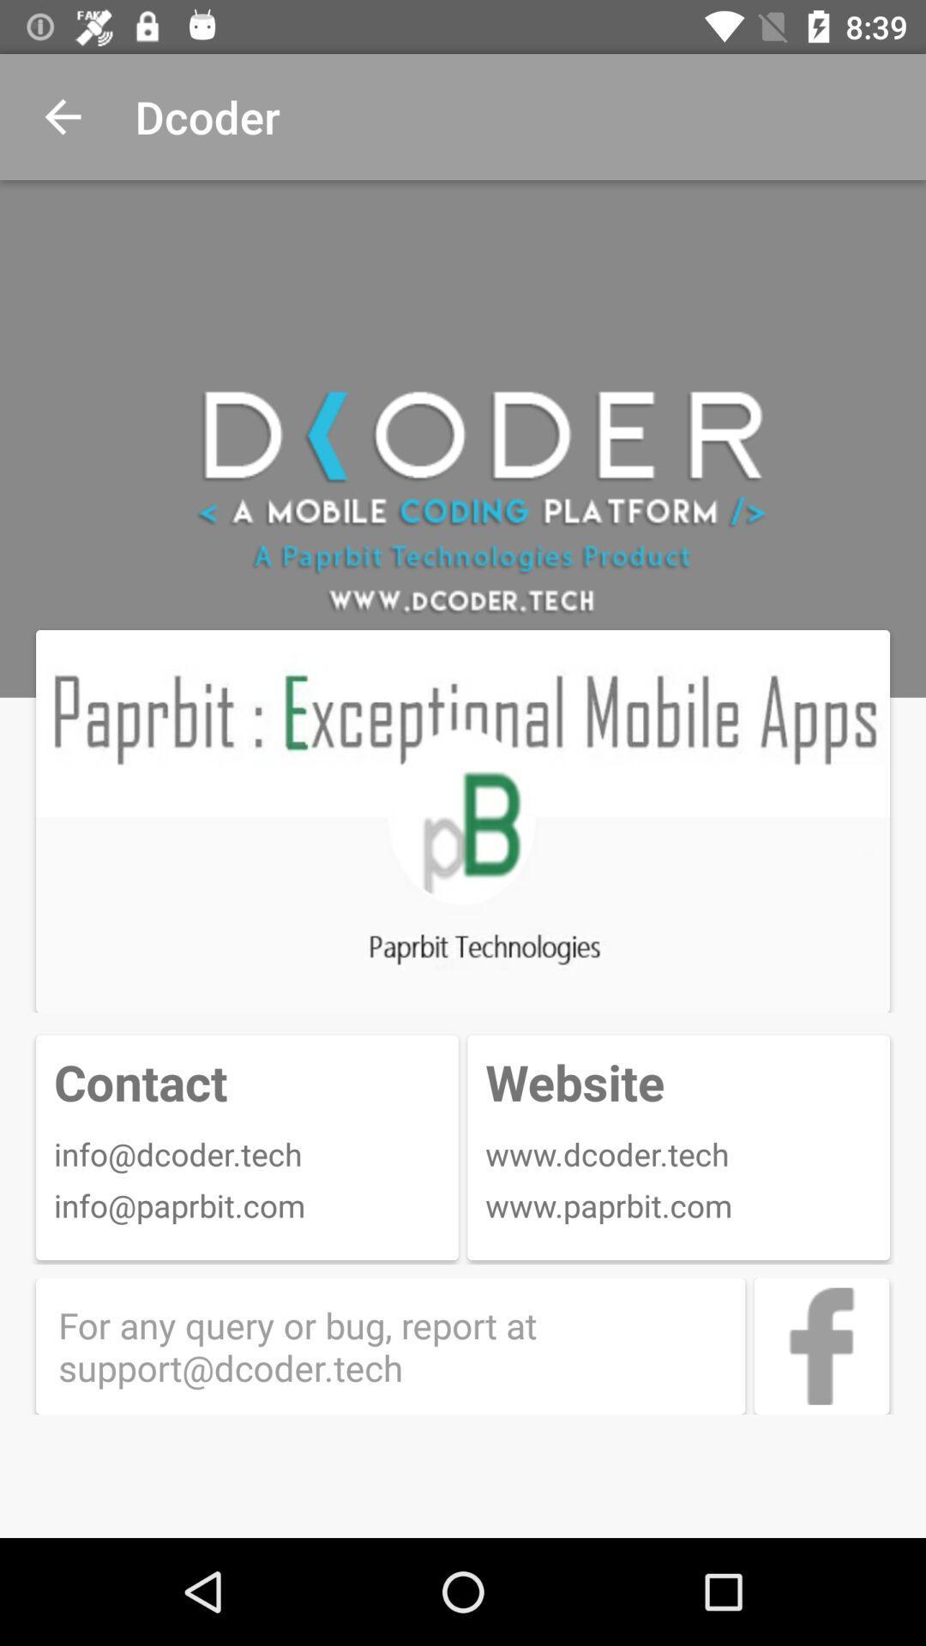 The image size is (926, 1646). Describe the element at coordinates (821, 1345) in the screenshot. I see `icon to the right of for any query` at that location.